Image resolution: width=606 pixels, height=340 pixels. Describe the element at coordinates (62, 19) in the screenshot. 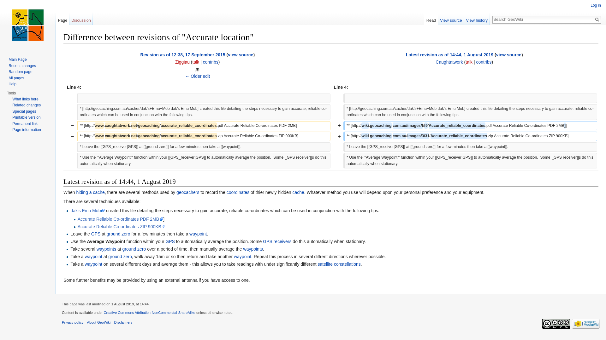

I see `'Page'` at that location.